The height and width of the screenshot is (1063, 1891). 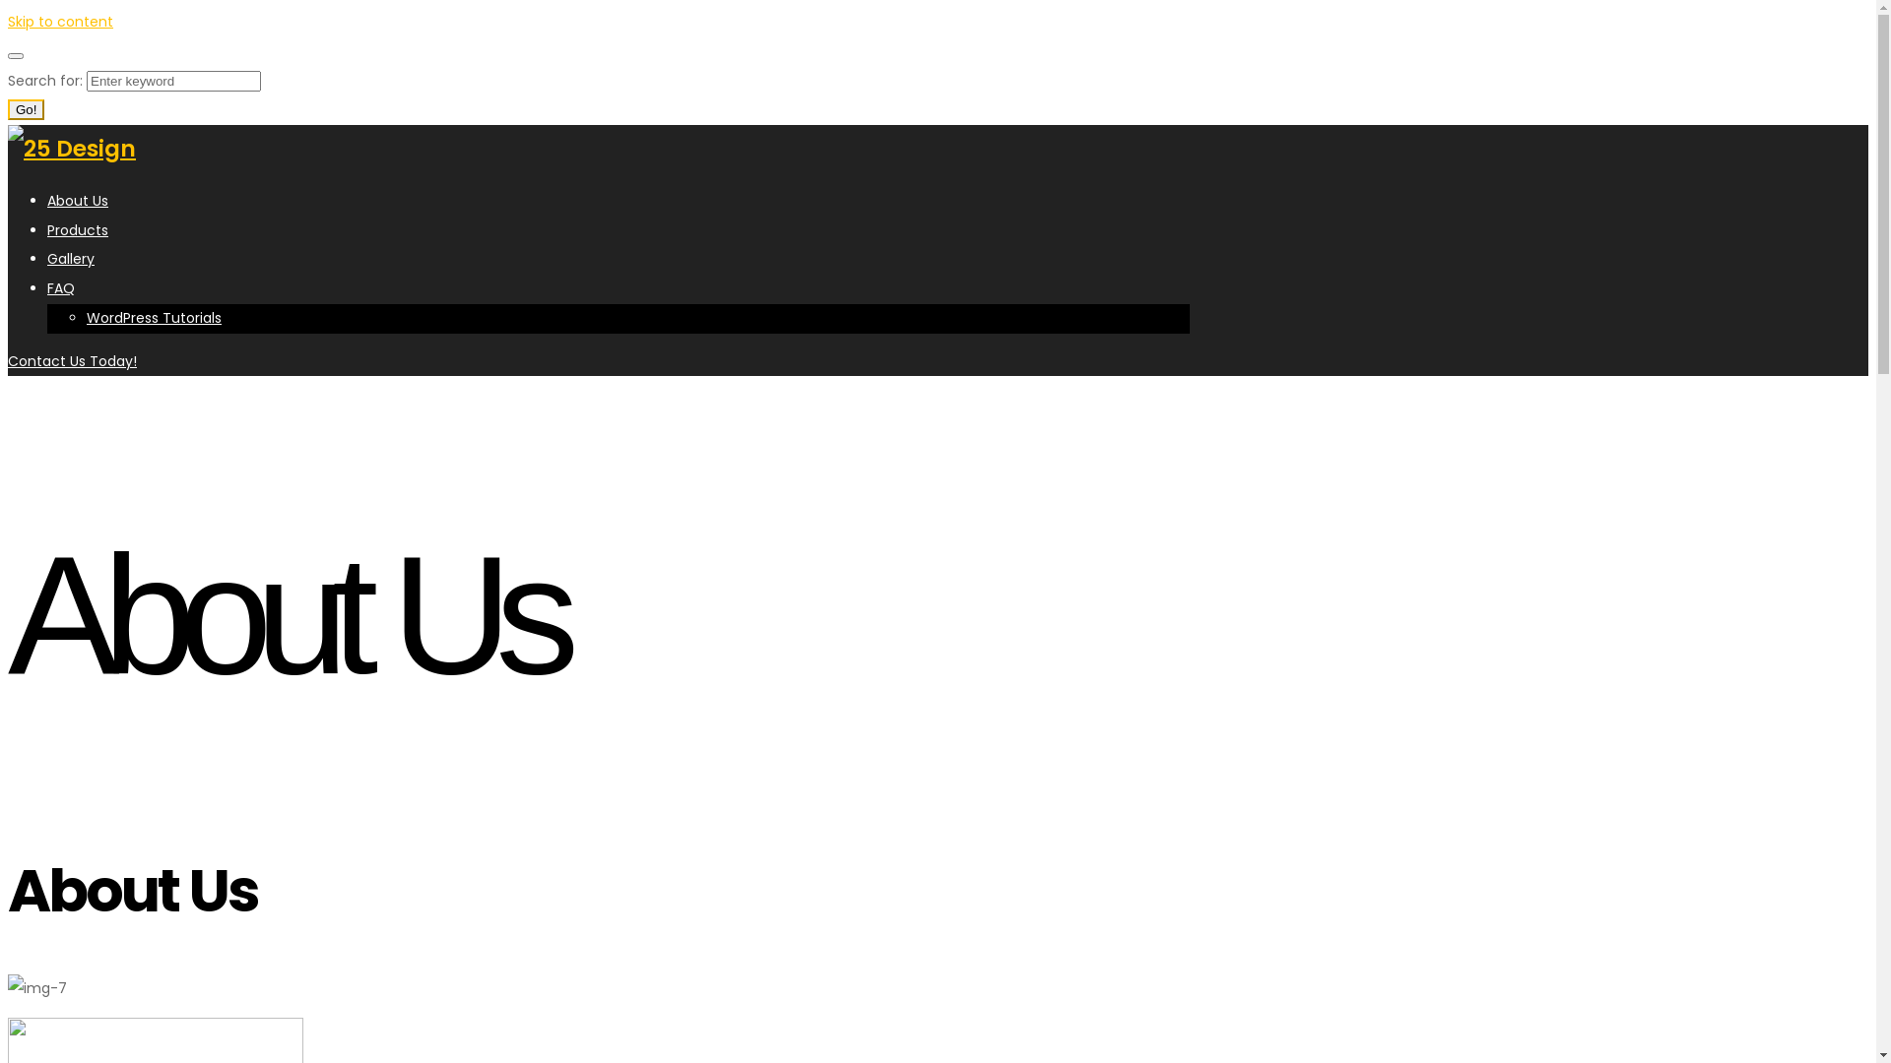 What do you see at coordinates (26, 109) in the screenshot?
I see `'Go!'` at bounding box center [26, 109].